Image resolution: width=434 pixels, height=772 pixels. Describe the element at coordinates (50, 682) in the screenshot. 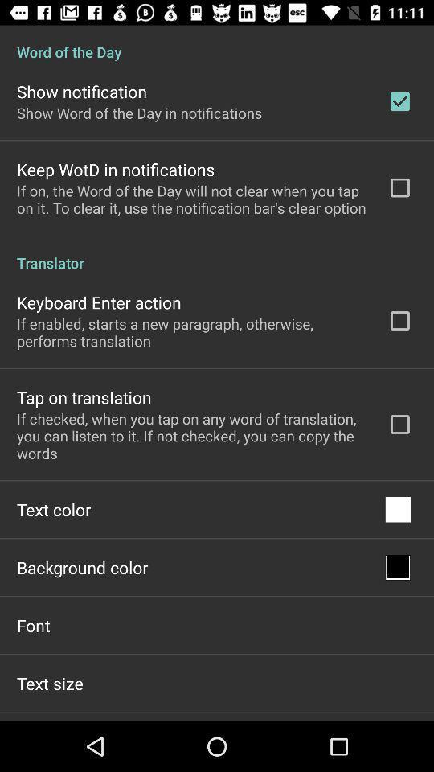

I see `app below the font` at that location.